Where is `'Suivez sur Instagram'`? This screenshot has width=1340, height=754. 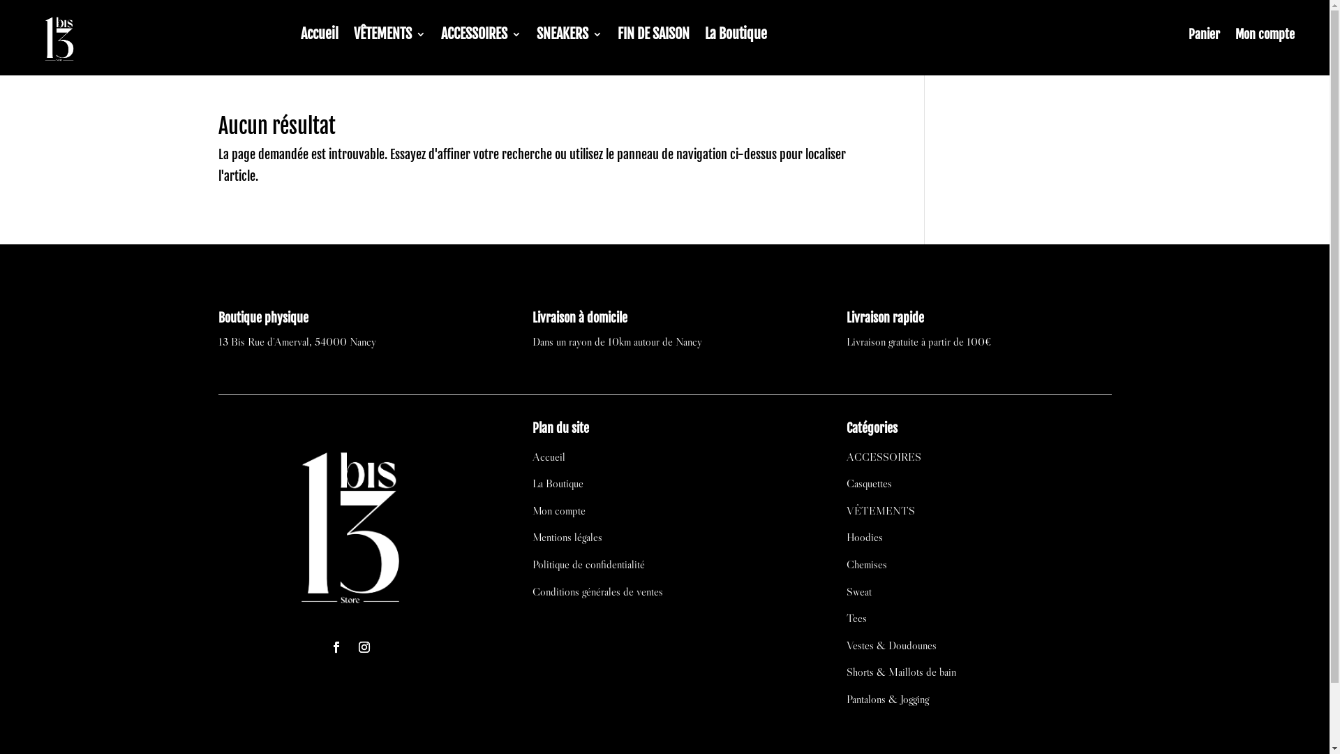 'Suivez sur Instagram' is located at coordinates (364, 646).